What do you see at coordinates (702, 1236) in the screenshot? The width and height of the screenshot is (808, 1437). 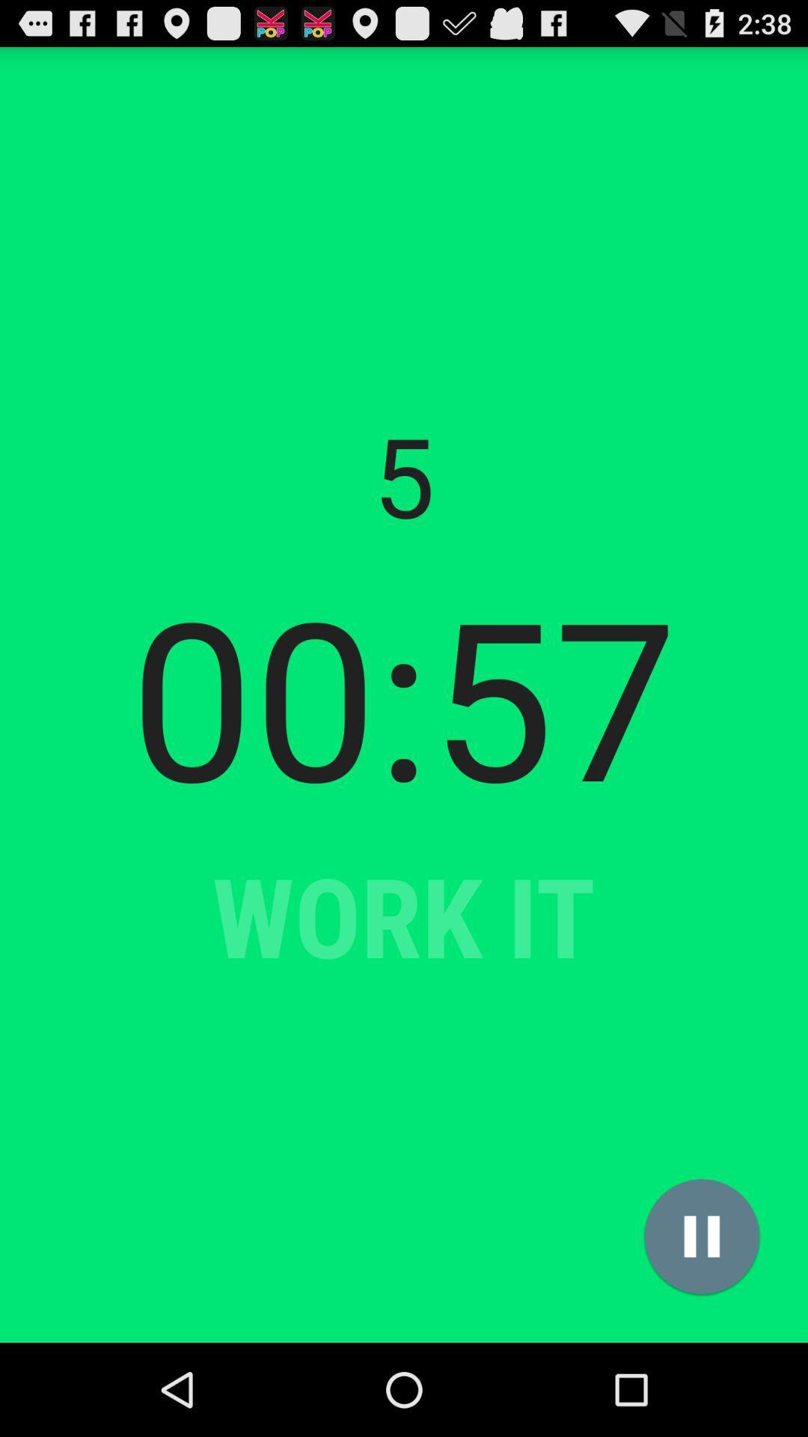 I see `icon below the 00:57 item` at bounding box center [702, 1236].